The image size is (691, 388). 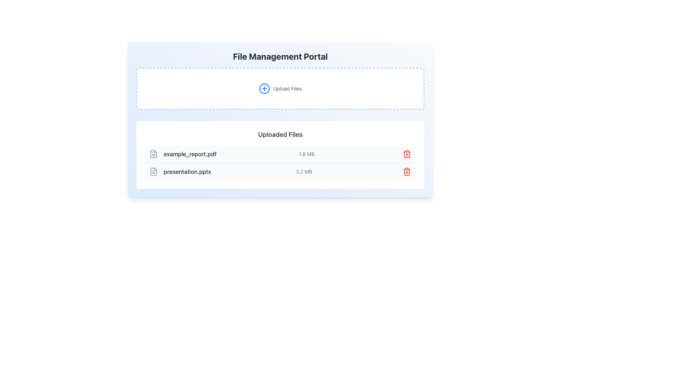 I want to click on the prominent circular upload button located in the 'Upload Files' section, so click(x=264, y=88).